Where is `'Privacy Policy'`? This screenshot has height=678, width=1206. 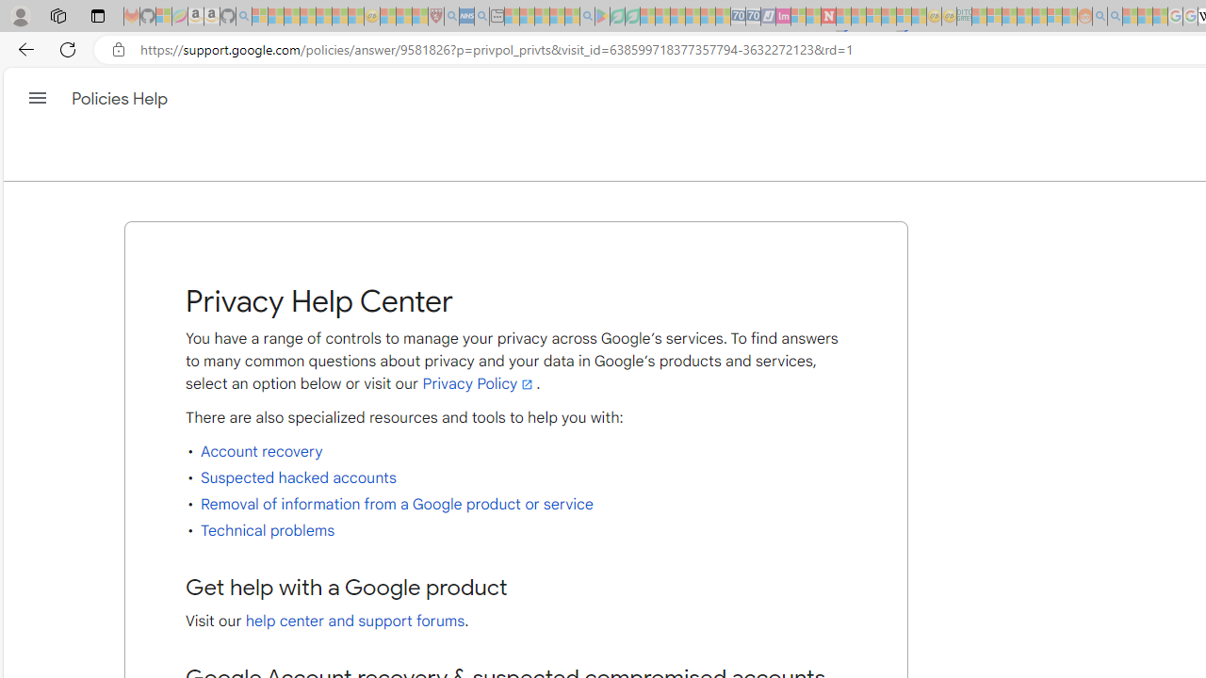
'Privacy Policy' is located at coordinates (479, 383).